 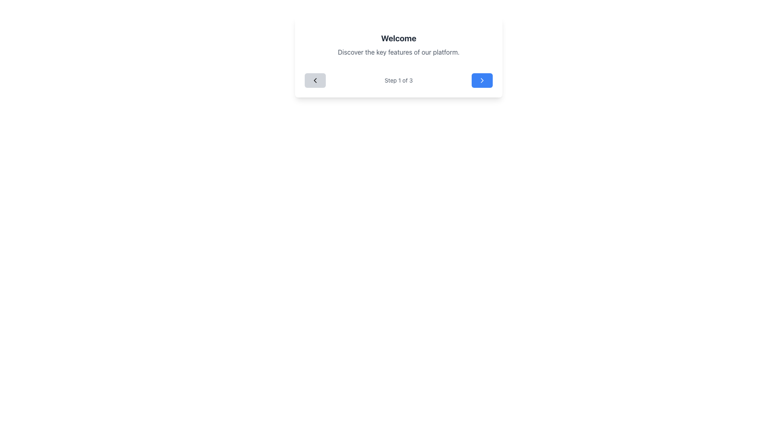 What do you see at coordinates (398, 81) in the screenshot?
I see `the static text element that displays the current step of a process, located centrally within the lower section of the white card, between navigation buttons` at bounding box center [398, 81].